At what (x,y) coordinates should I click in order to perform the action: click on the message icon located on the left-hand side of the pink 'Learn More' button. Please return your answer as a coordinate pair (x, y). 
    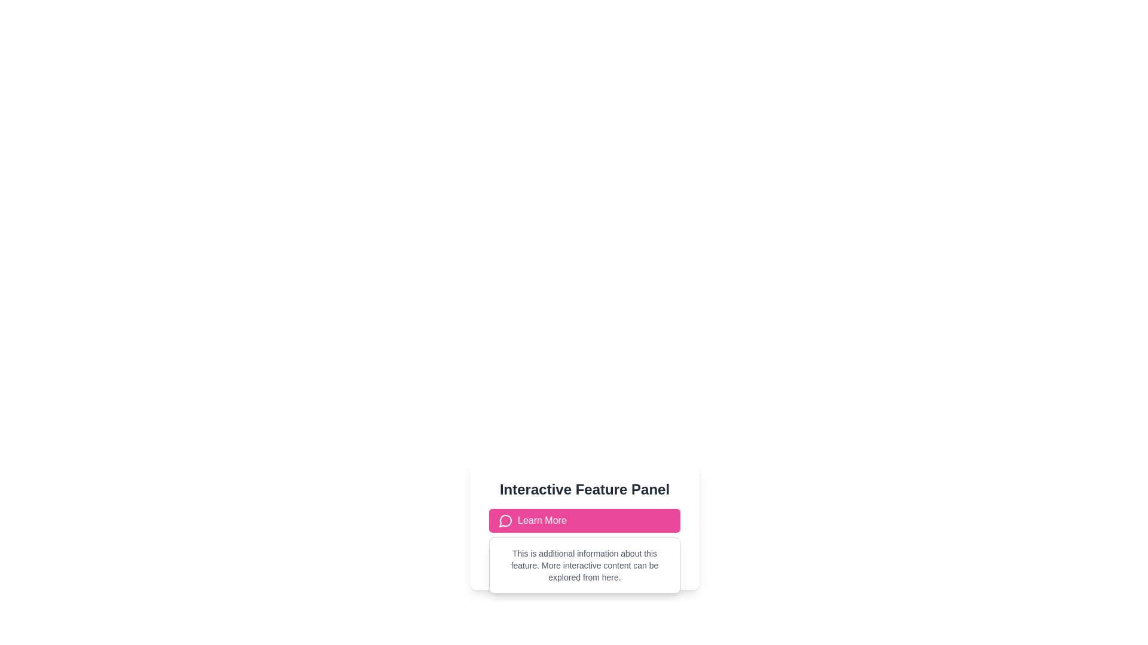
    Looking at the image, I should click on (505, 520).